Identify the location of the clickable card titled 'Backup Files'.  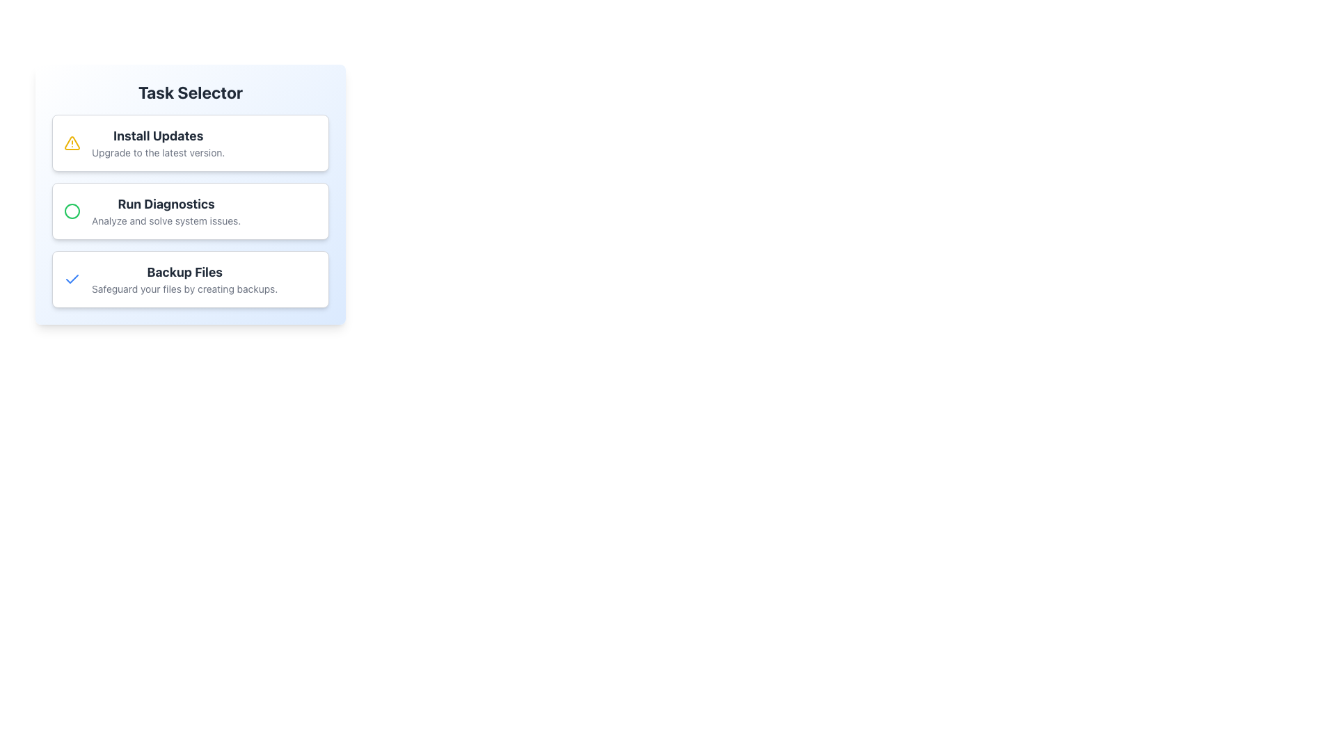
(189, 279).